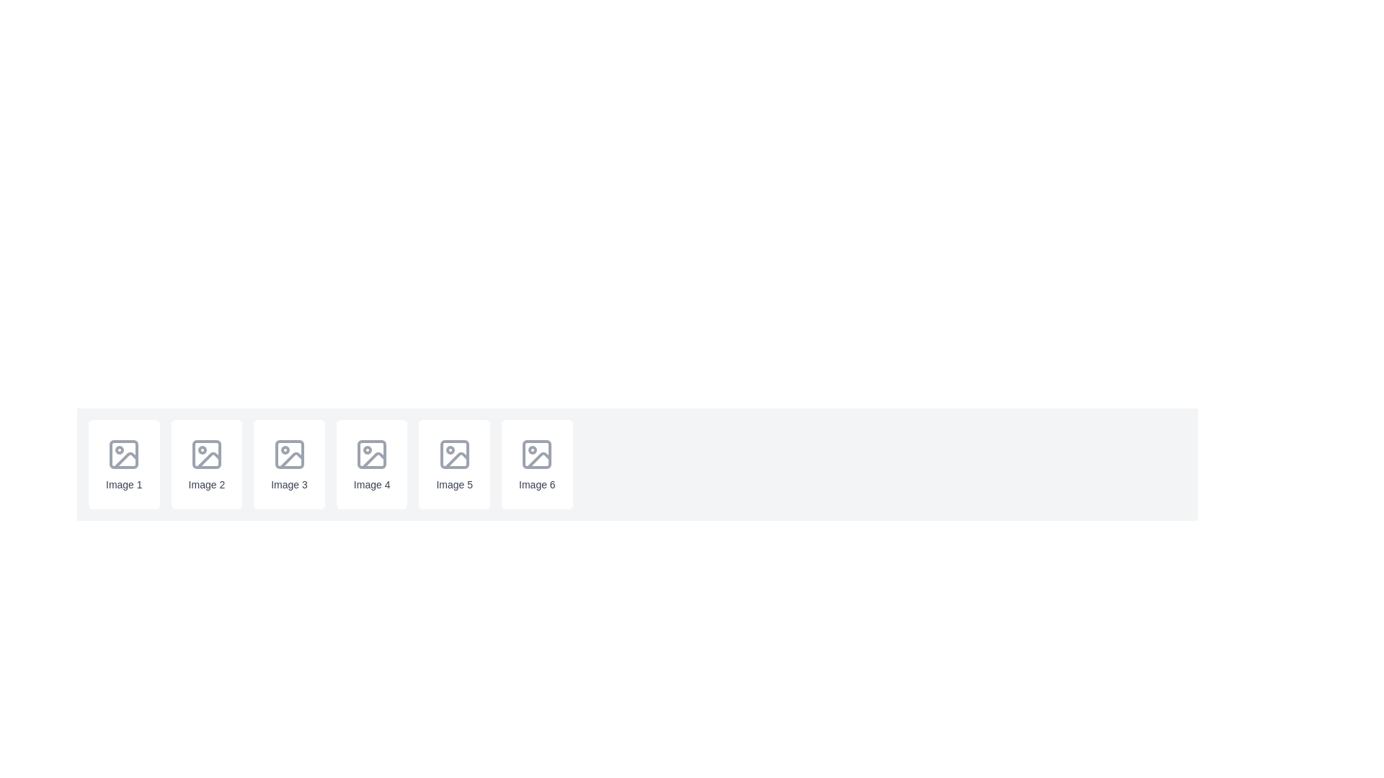 The height and width of the screenshot is (778, 1384). What do you see at coordinates (372, 455) in the screenshot?
I see `image placeholder icon located in the fourth position of a horizontally aligned series of six items, centered above the label 'Image 4'` at bounding box center [372, 455].